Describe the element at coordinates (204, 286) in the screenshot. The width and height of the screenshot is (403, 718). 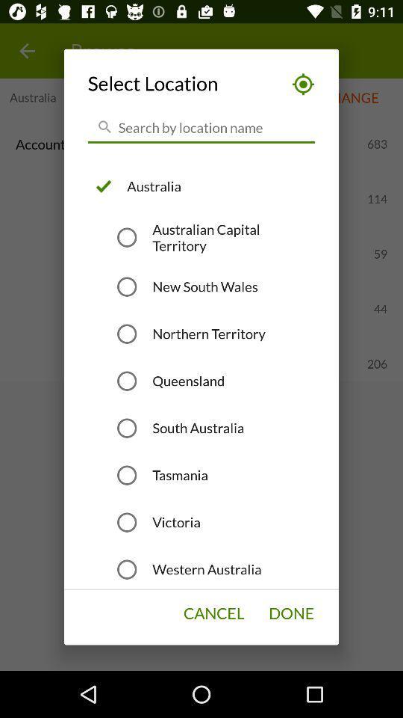
I see `the icon below the australian capital territory icon` at that location.